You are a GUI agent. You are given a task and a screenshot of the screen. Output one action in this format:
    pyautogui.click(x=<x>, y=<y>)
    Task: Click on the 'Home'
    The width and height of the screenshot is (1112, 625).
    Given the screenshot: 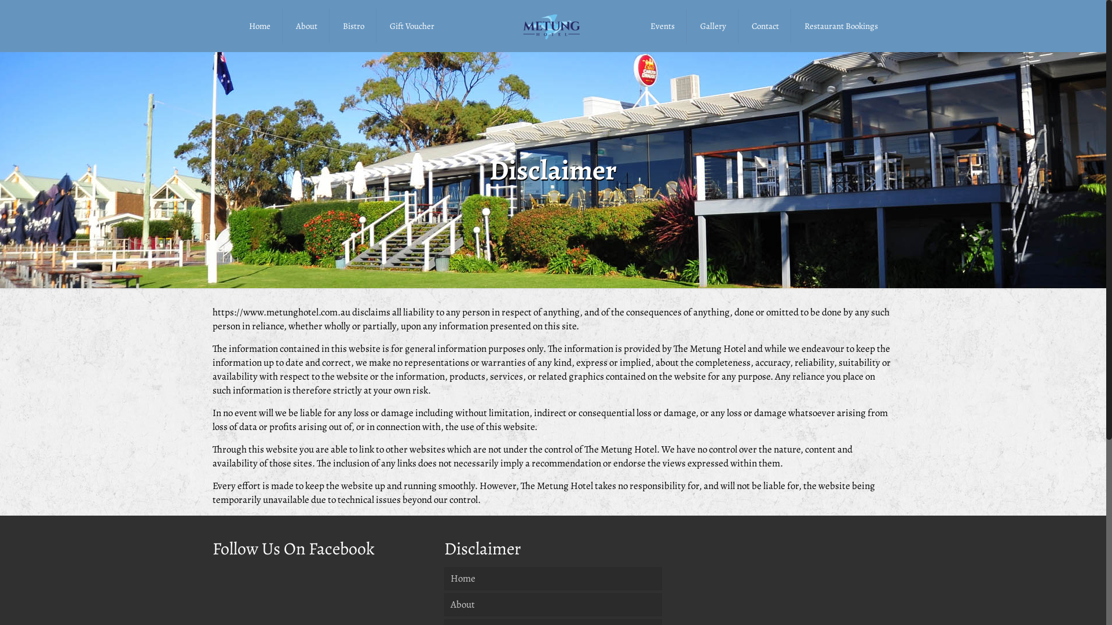 What is the action you would take?
    pyautogui.click(x=259, y=26)
    